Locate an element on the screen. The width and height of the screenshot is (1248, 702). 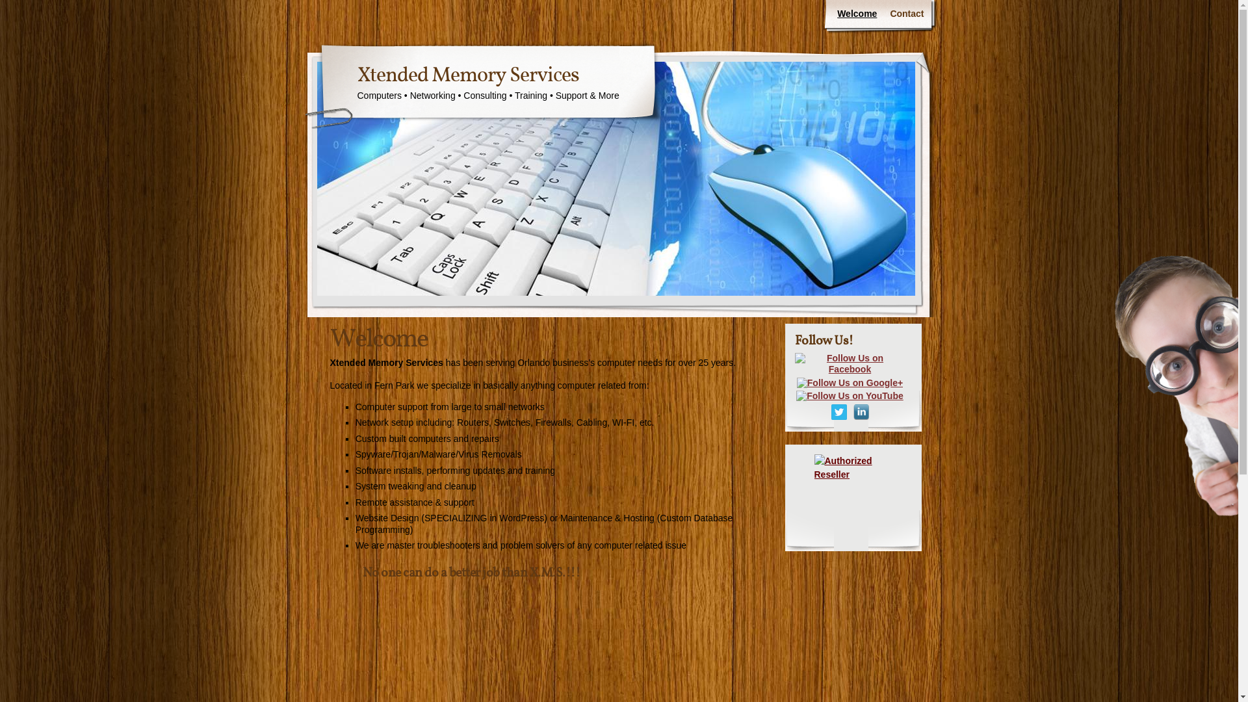
'Contact' is located at coordinates (906, 14).